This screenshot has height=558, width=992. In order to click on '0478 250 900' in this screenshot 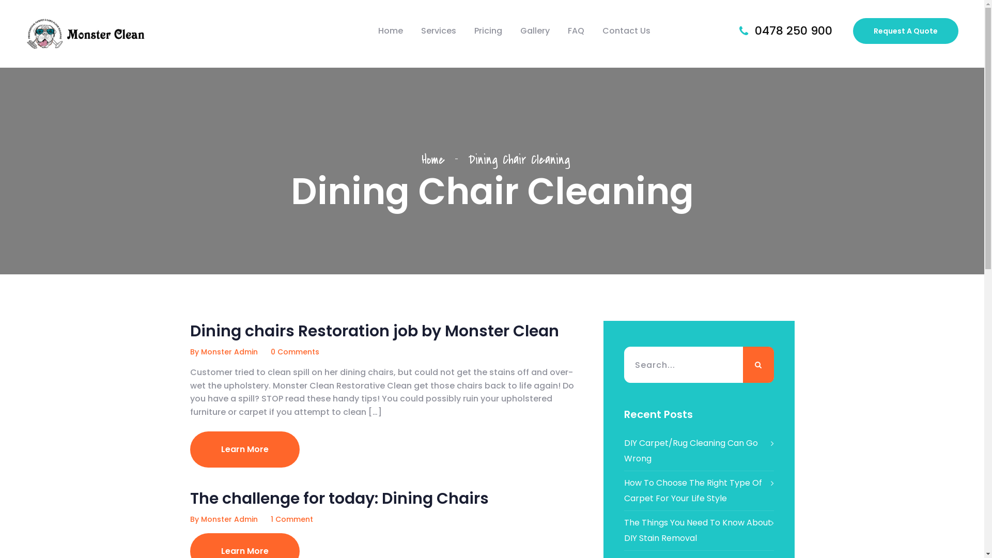, I will do `click(793, 30)`.